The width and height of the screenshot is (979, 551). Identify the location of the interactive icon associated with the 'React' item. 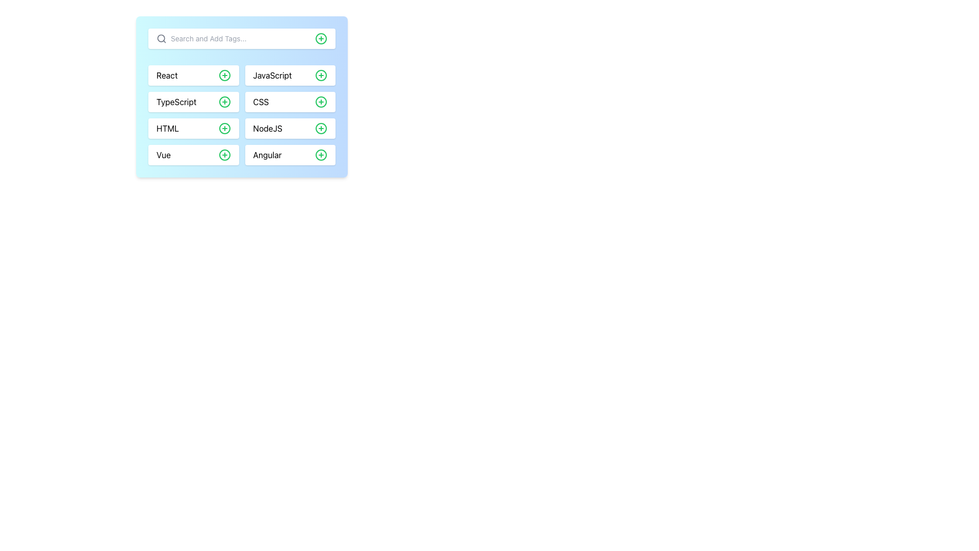
(224, 74).